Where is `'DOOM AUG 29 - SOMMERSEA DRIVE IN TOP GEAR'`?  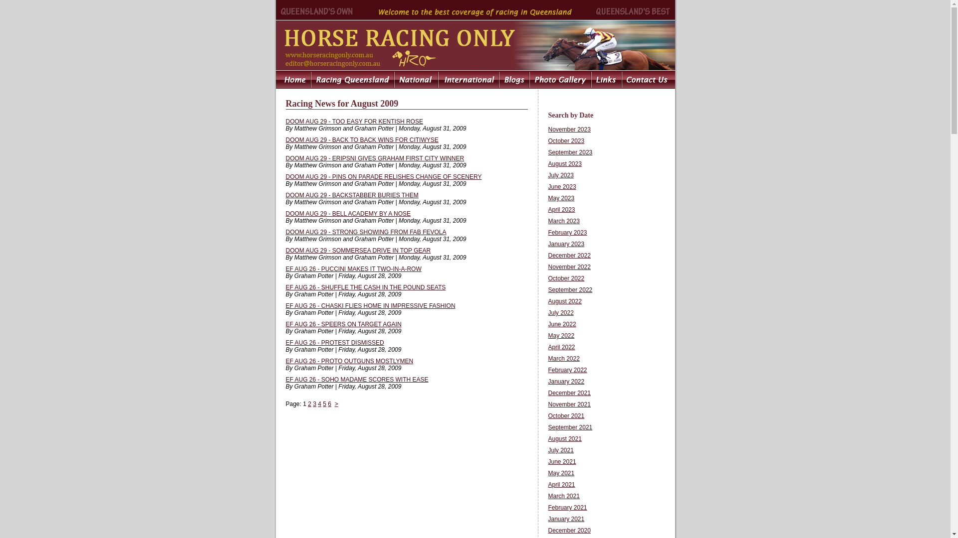
'DOOM AUG 29 - SOMMERSEA DRIVE IN TOP GEAR' is located at coordinates (358, 250).